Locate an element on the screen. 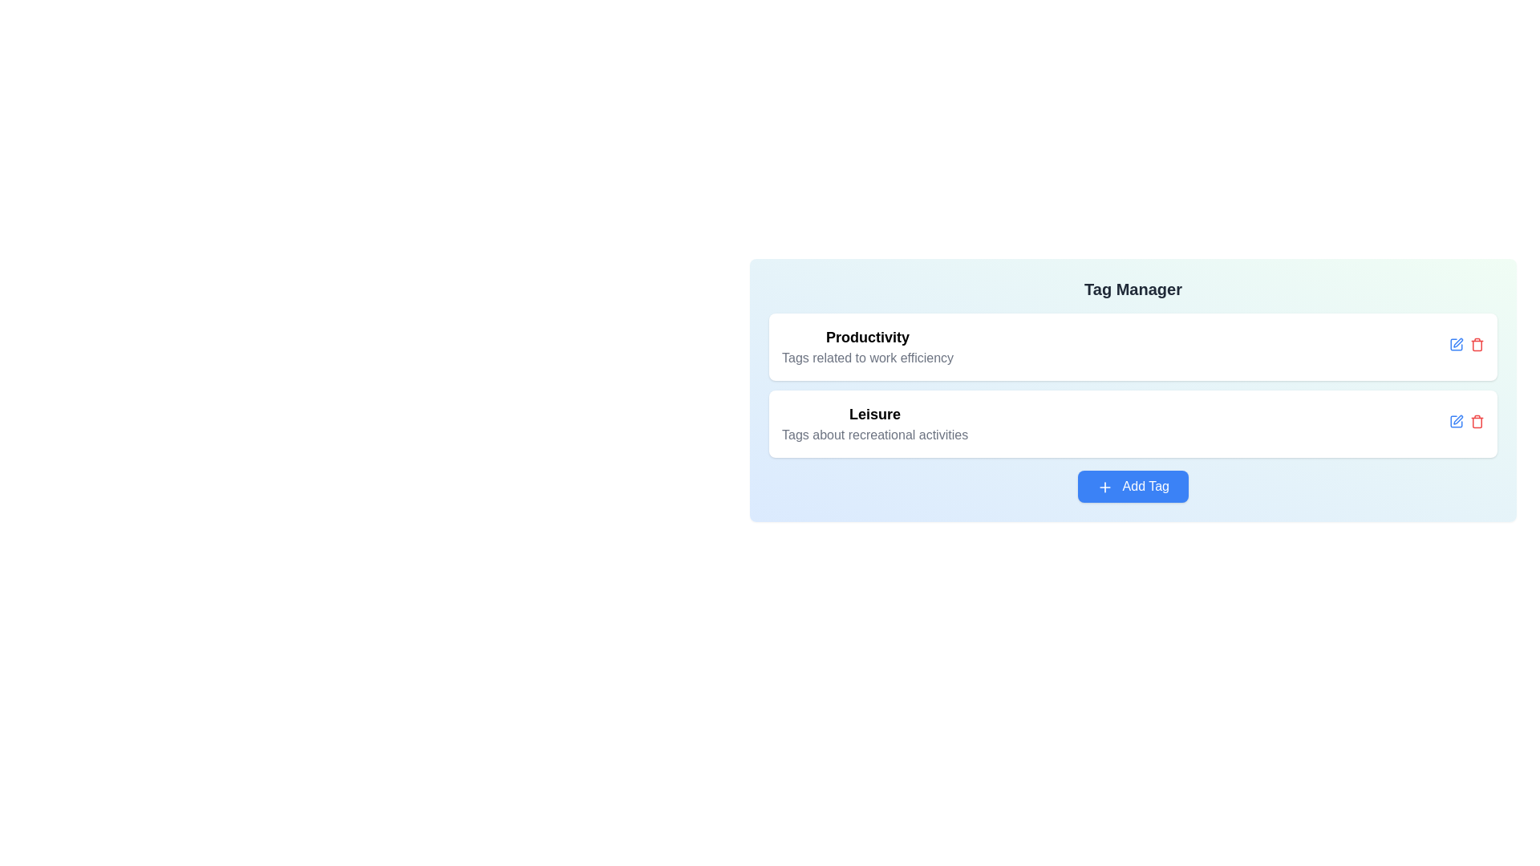 Image resolution: width=1540 pixels, height=866 pixels. the red trash icon button located to the right of the 'Leisure' tag in the 'Tag Manager' area to observe the scaling effect is located at coordinates (1477, 420).